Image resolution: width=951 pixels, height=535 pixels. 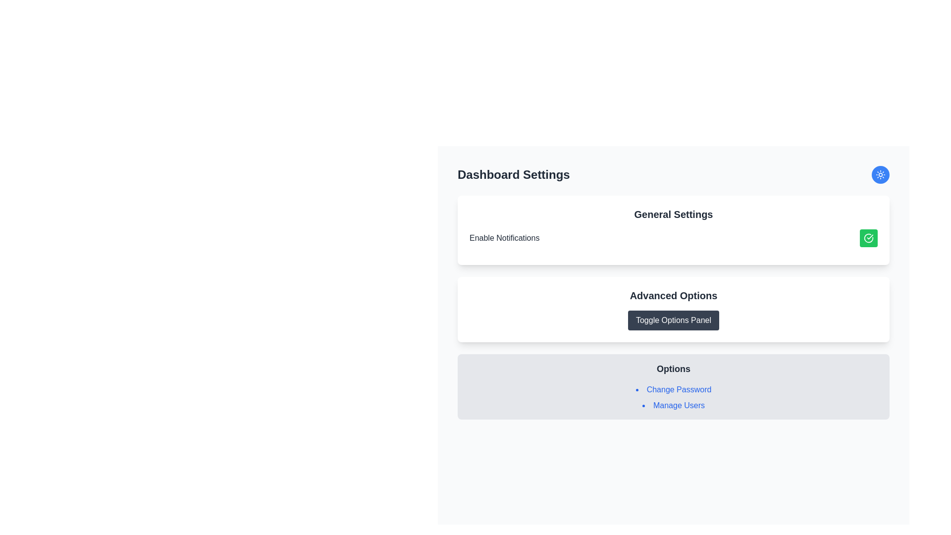 What do you see at coordinates (868, 238) in the screenshot?
I see `the status of the circle icon with a checkmark, indicating completion or success, located in the top-right corner of the 'General Settings' section of the dashboard` at bounding box center [868, 238].